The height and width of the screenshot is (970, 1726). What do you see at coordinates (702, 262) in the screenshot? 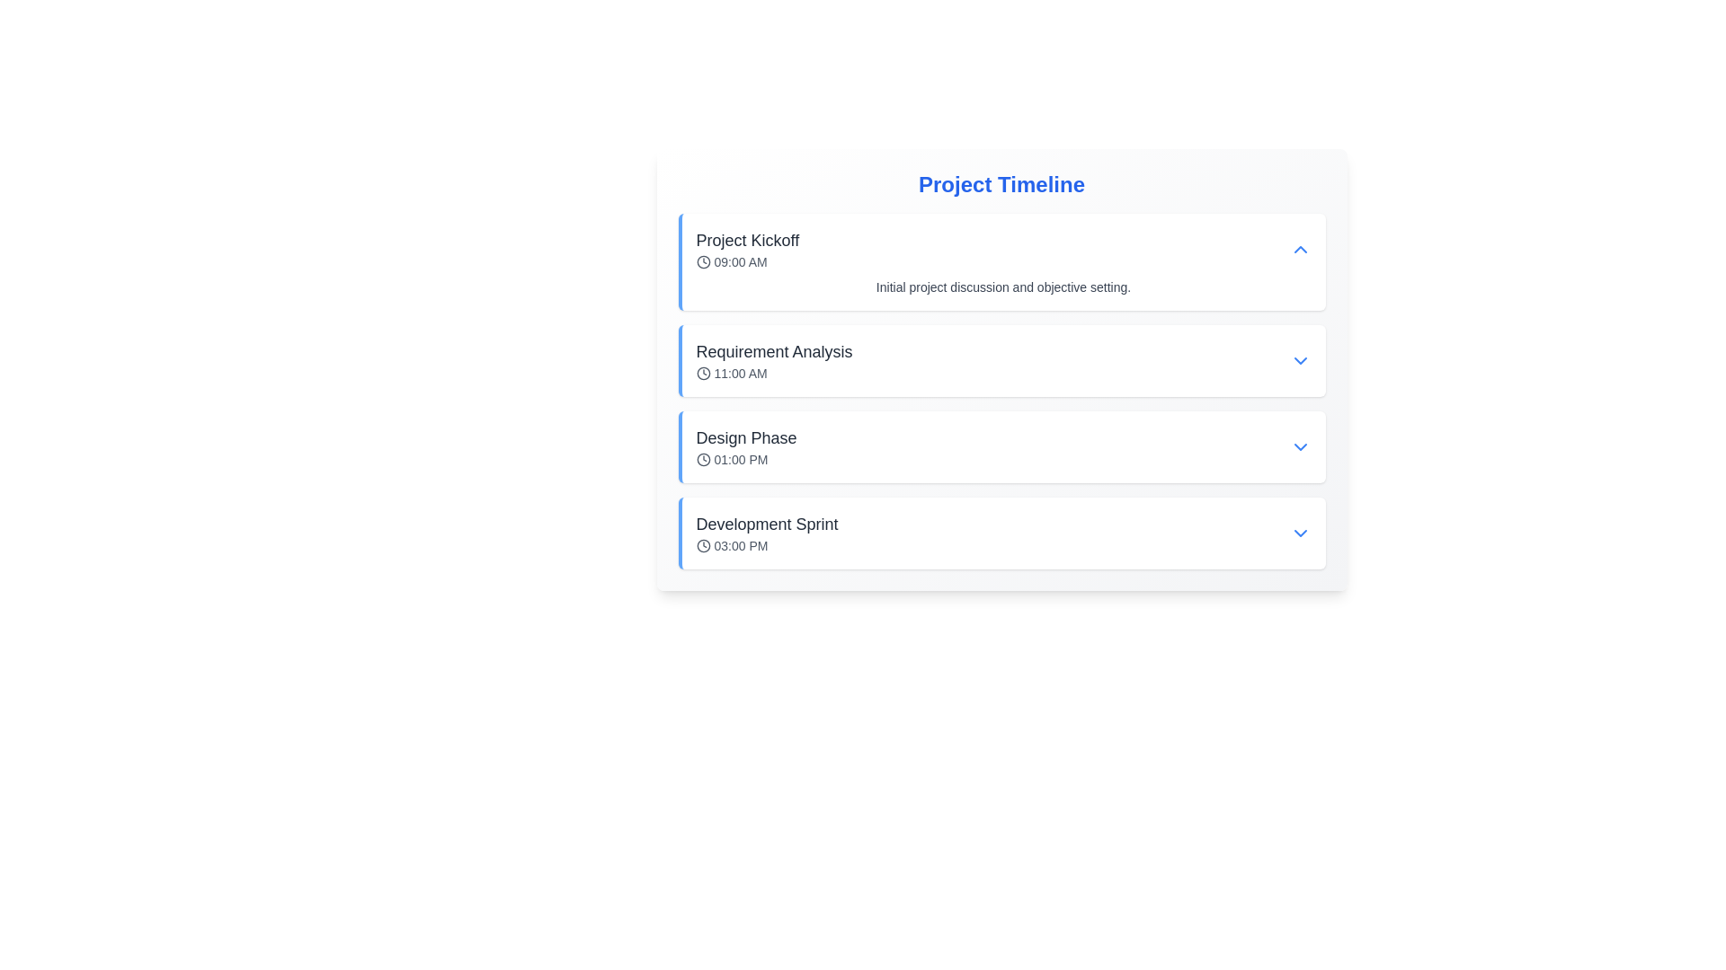
I see `the clock icon located at '09:00 AM' in the 'Project Kickoff' timeline section` at bounding box center [702, 262].